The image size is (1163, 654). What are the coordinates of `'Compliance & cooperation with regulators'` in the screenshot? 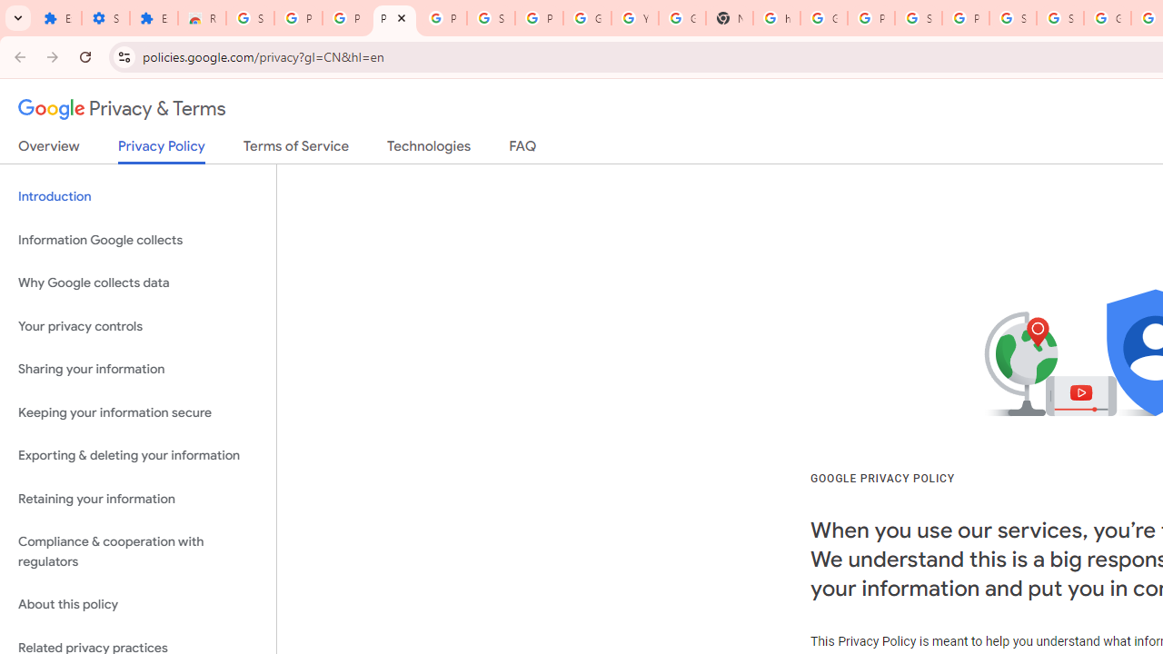 It's located at (137, 551).